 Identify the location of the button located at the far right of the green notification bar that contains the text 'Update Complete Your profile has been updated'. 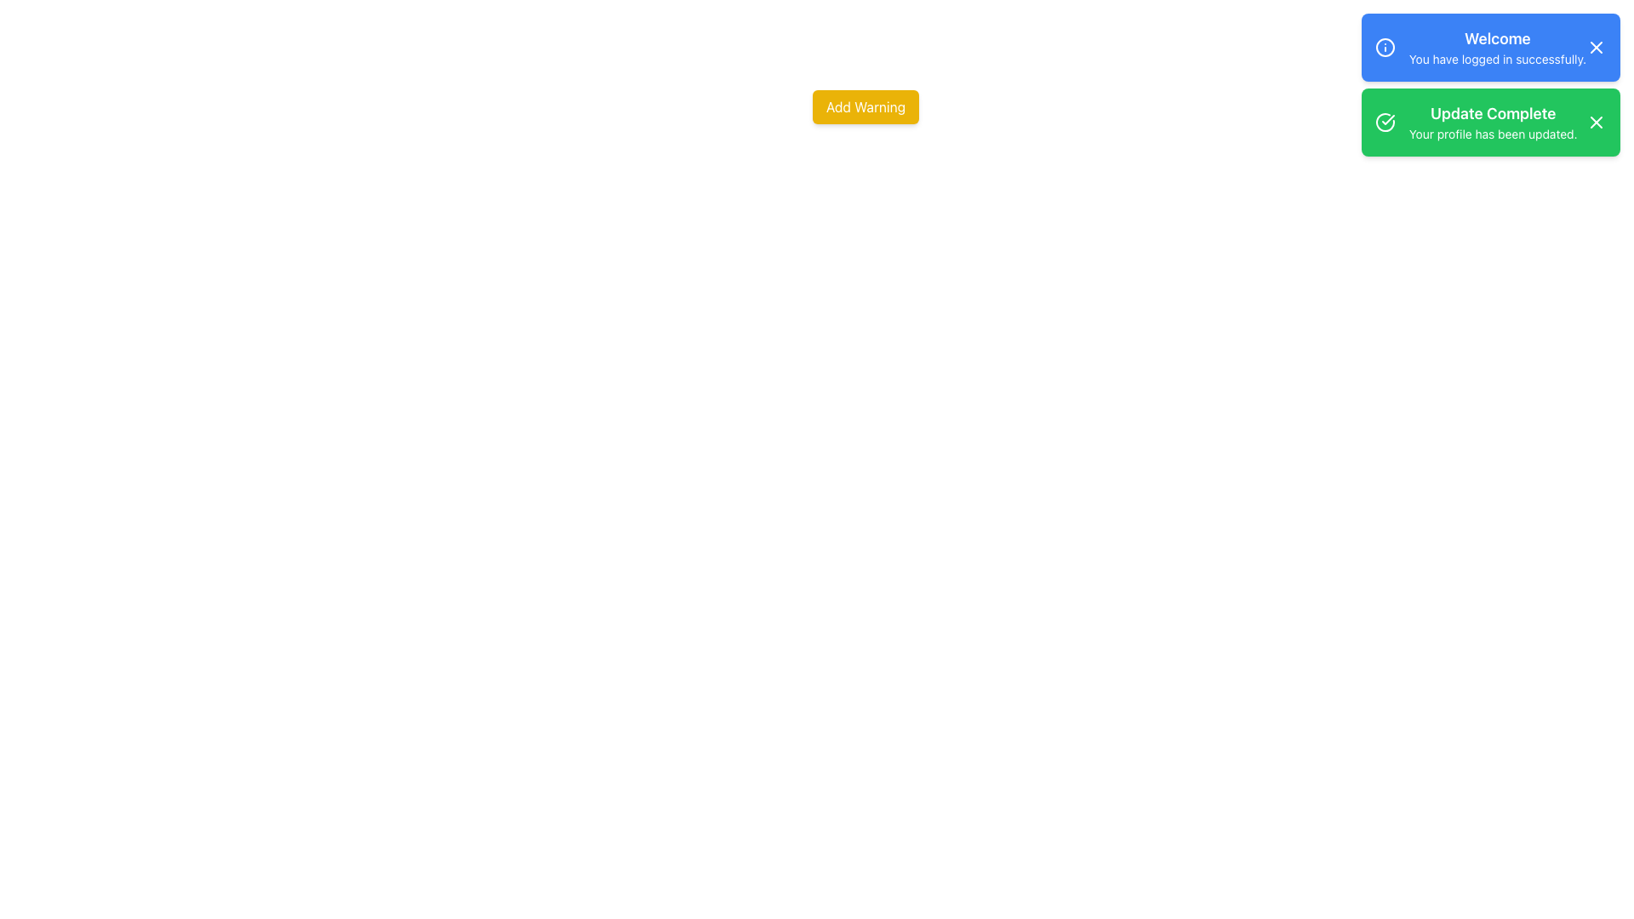
(1596, 121).